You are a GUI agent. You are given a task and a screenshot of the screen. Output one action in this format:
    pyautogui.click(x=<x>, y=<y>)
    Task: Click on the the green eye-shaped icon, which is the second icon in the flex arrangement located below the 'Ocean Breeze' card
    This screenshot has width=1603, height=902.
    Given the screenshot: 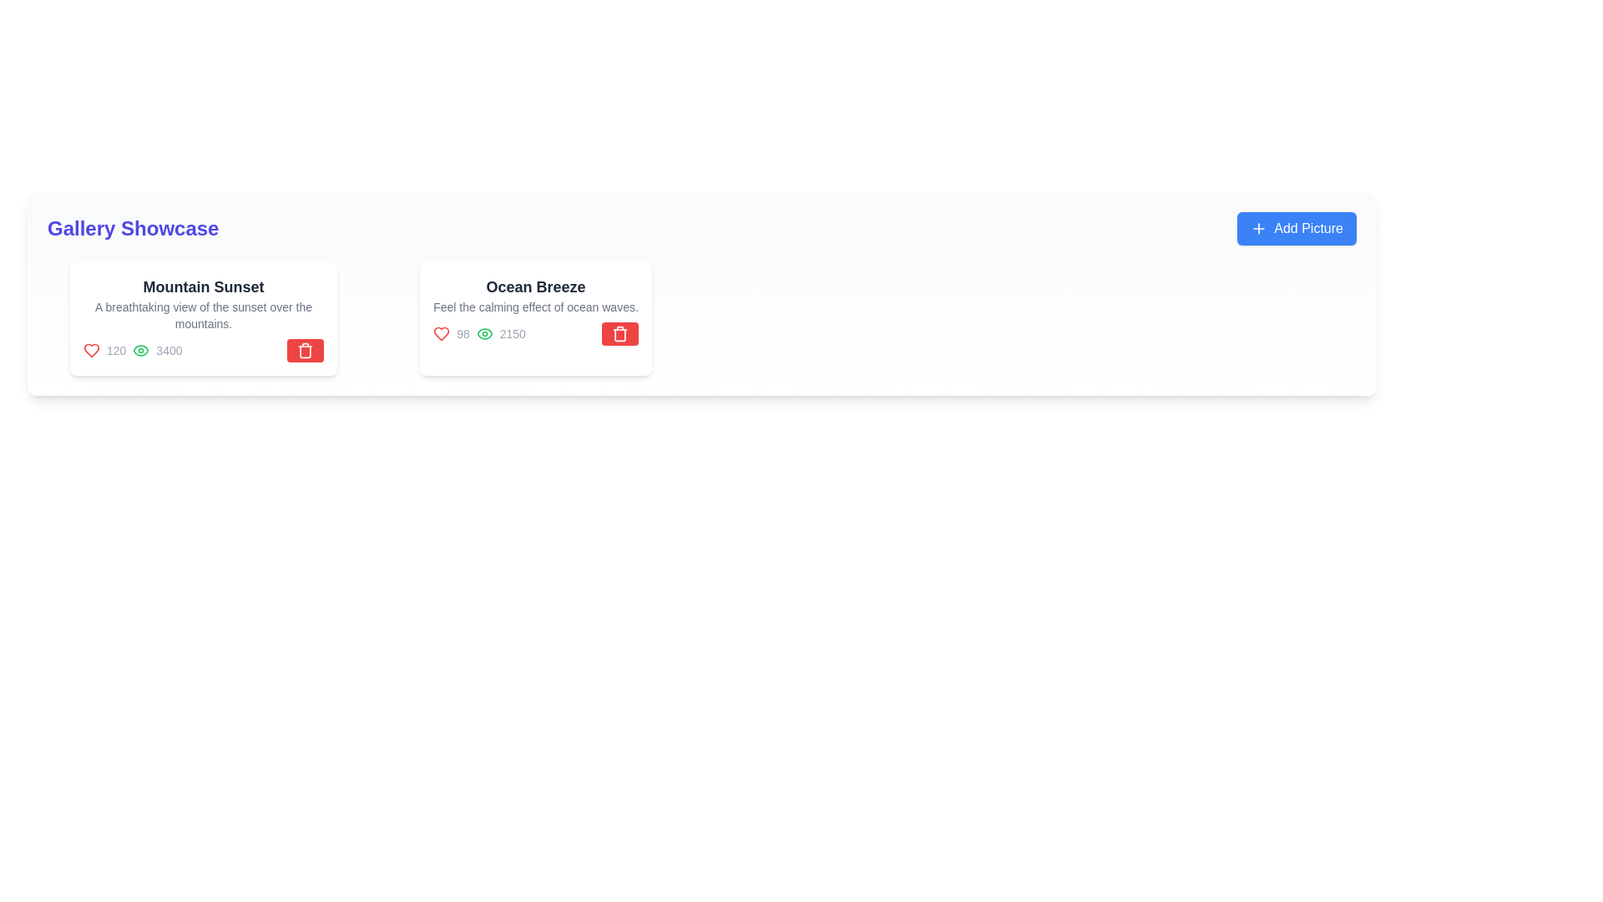 What is the action you would take?
    pyautogui.click(x=483, y=334)
    